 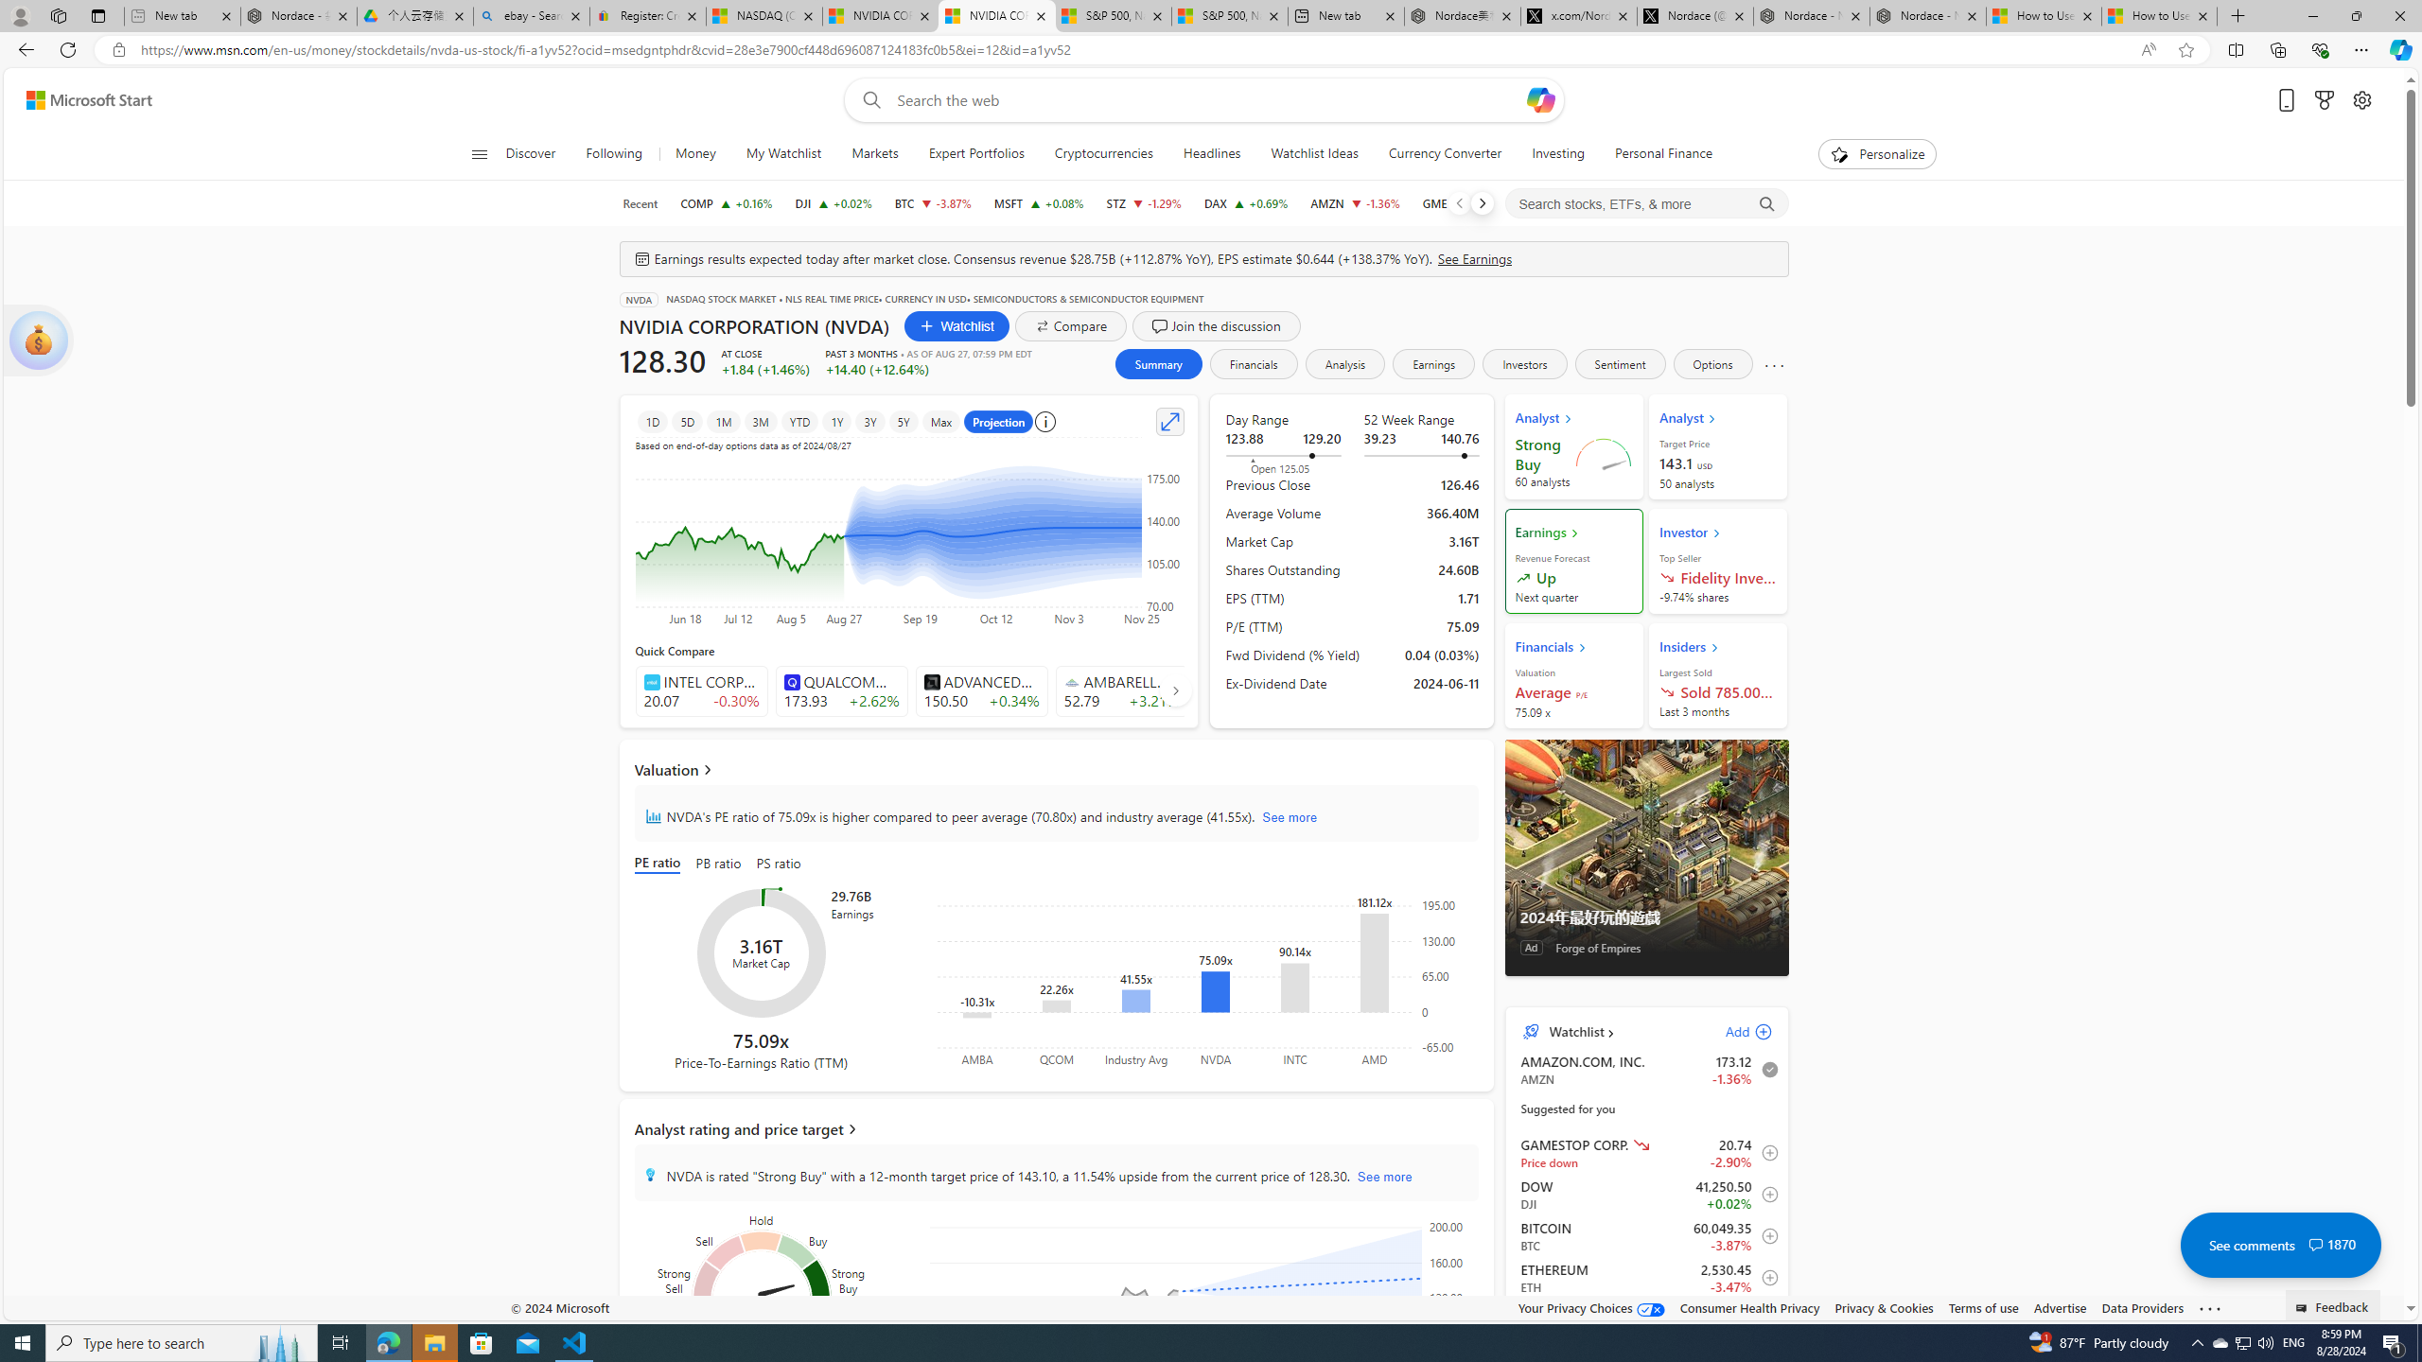 I want to click on 'Advertise', so click(x=2059, y=1307).